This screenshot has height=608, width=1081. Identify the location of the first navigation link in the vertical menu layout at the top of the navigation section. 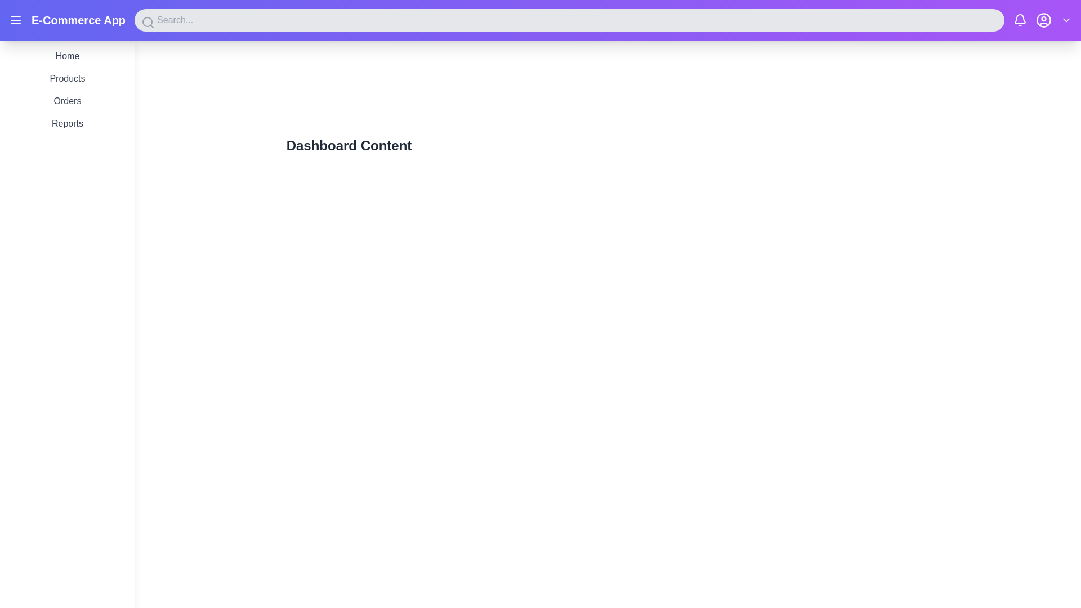
(67, 56).